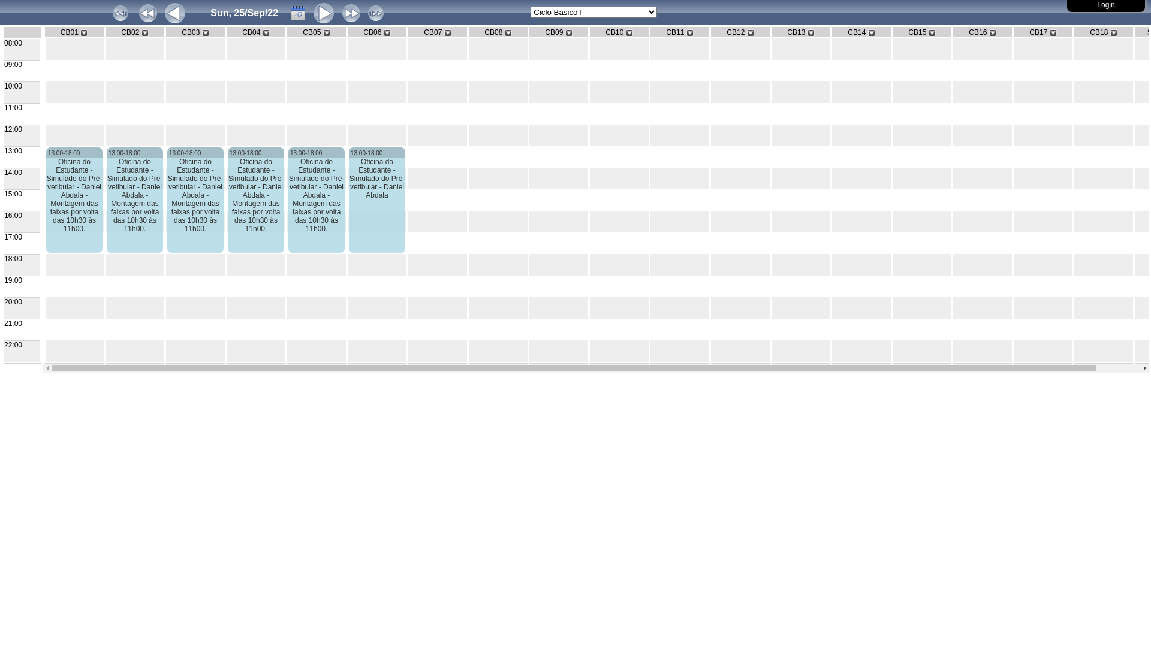  I want to click on 'Semana Anterior', so click(147, 13).